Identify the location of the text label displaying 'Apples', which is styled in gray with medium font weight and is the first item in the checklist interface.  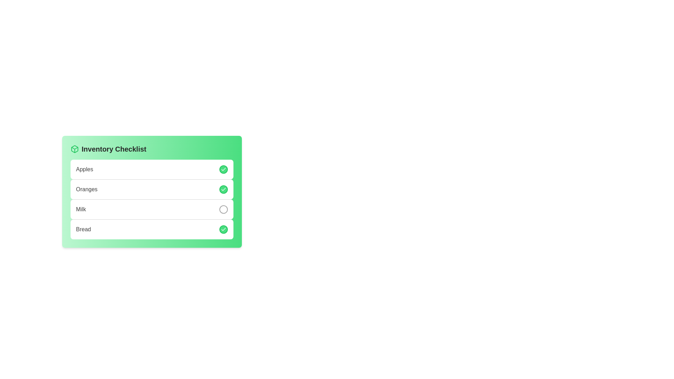
(84, 169).